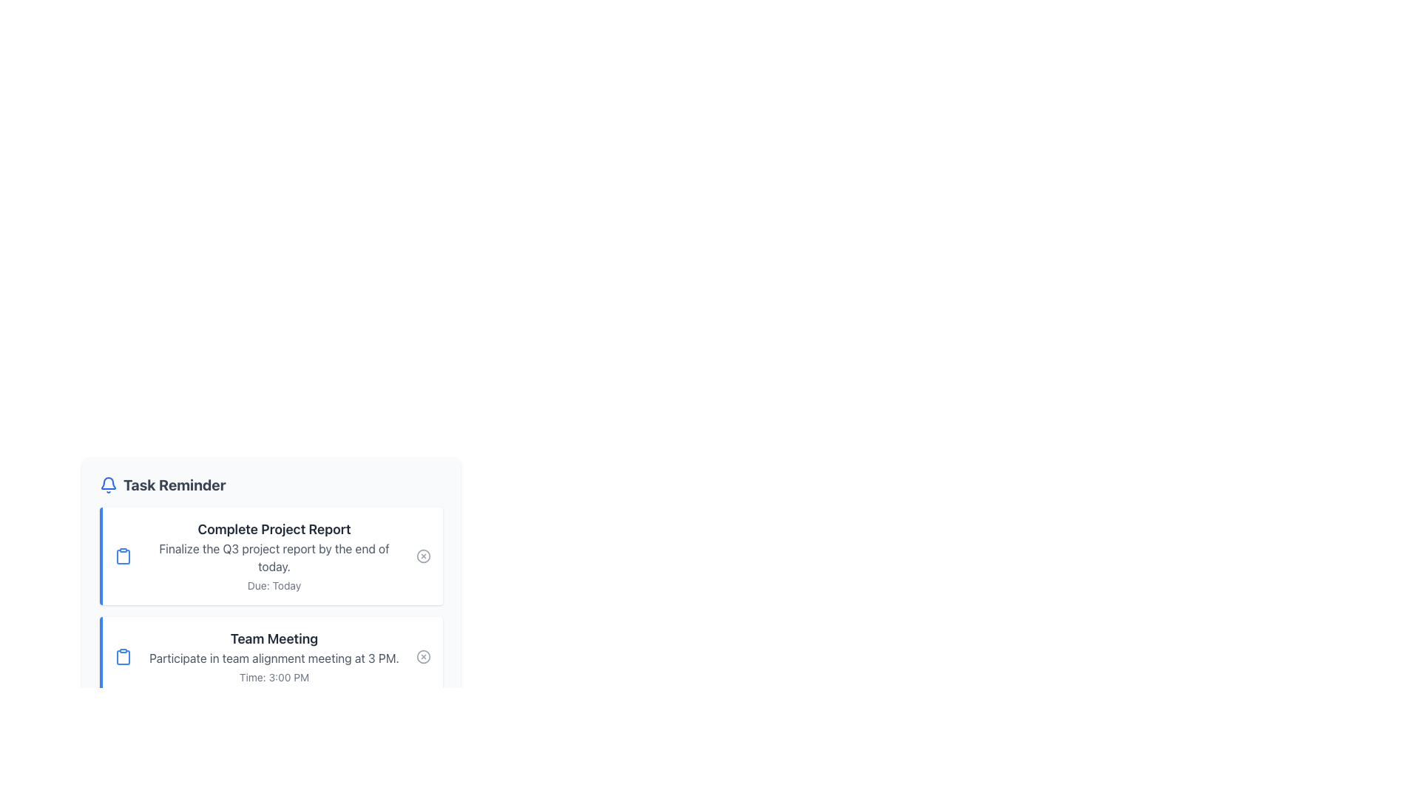  What do you see at coordinates (422, 655) in the screenshot?
I see `the button located on the far right side of the 'Team Meeting' section to change its appearance` at bounding box center [422, 655].